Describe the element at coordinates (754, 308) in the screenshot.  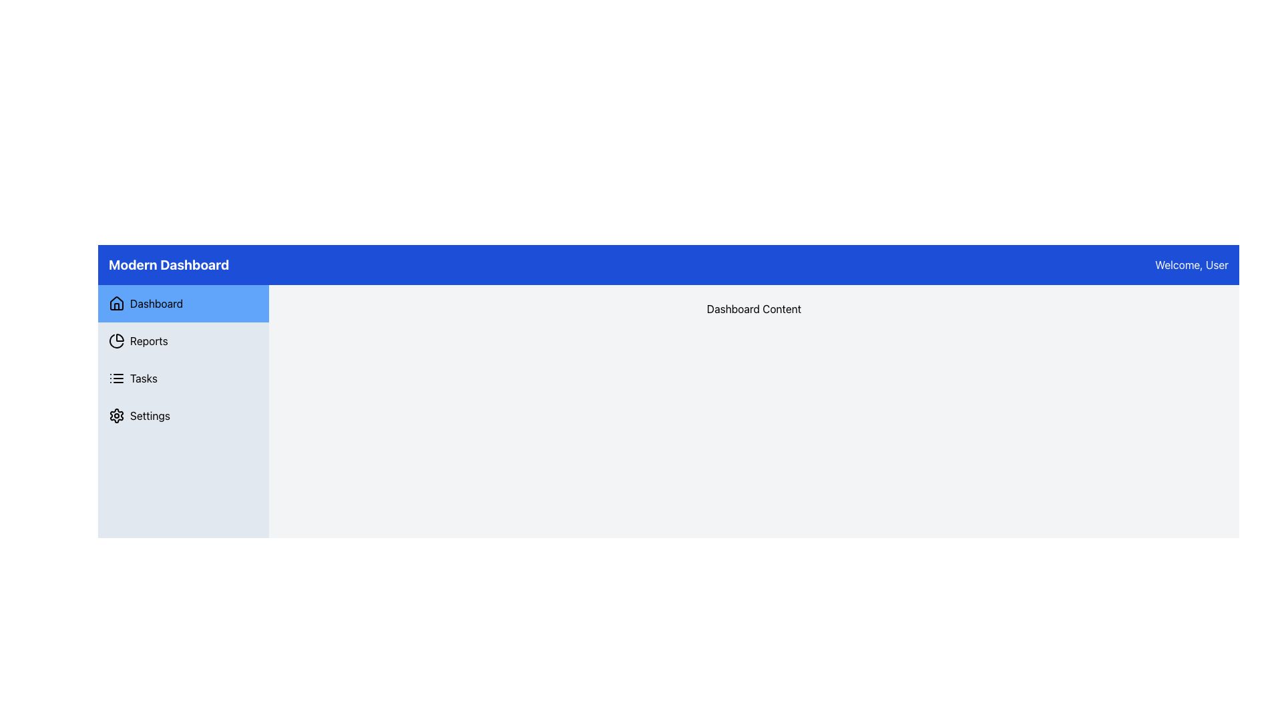
I see `the Text Label displaying 'Dashboard Content', which is centrally aligned in a light gray rectangular area under the top navigation bar` at that location.